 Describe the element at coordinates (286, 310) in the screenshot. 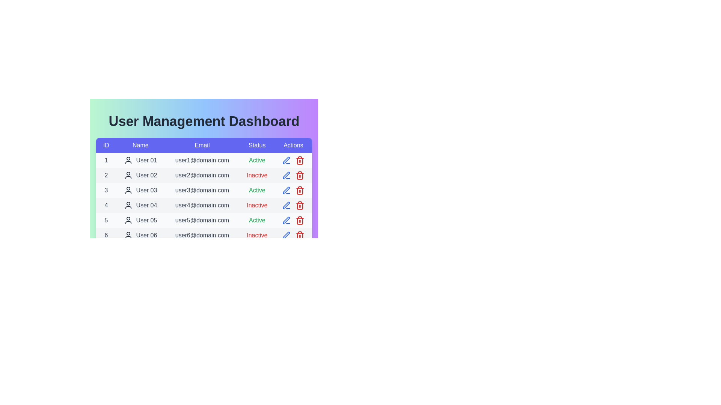

I see `the edit icon for the user with ID 11` at that location.